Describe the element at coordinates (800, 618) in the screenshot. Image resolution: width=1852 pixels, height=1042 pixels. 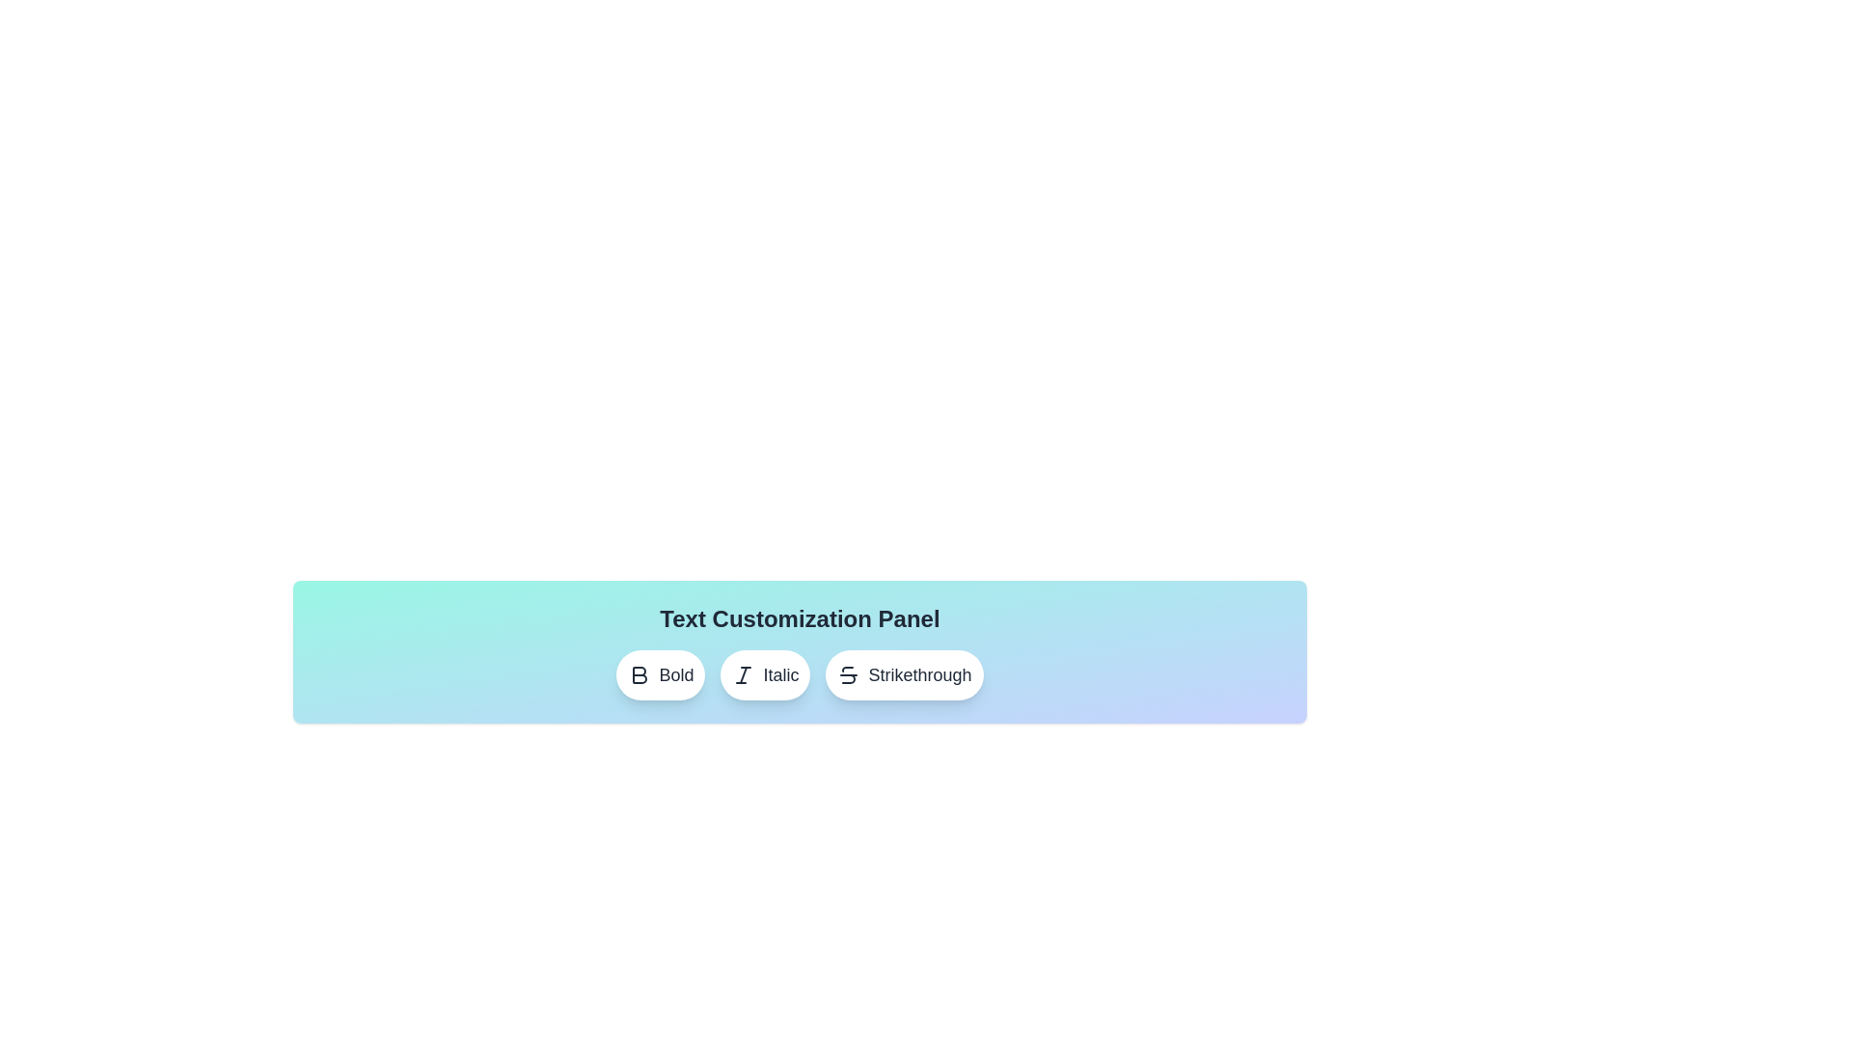
I see `the 'Text Customization Panel' header, which is a bold and large text element centrally positioned in a gradient banner, located at the top of a panel containing formatting buttons` at that location.